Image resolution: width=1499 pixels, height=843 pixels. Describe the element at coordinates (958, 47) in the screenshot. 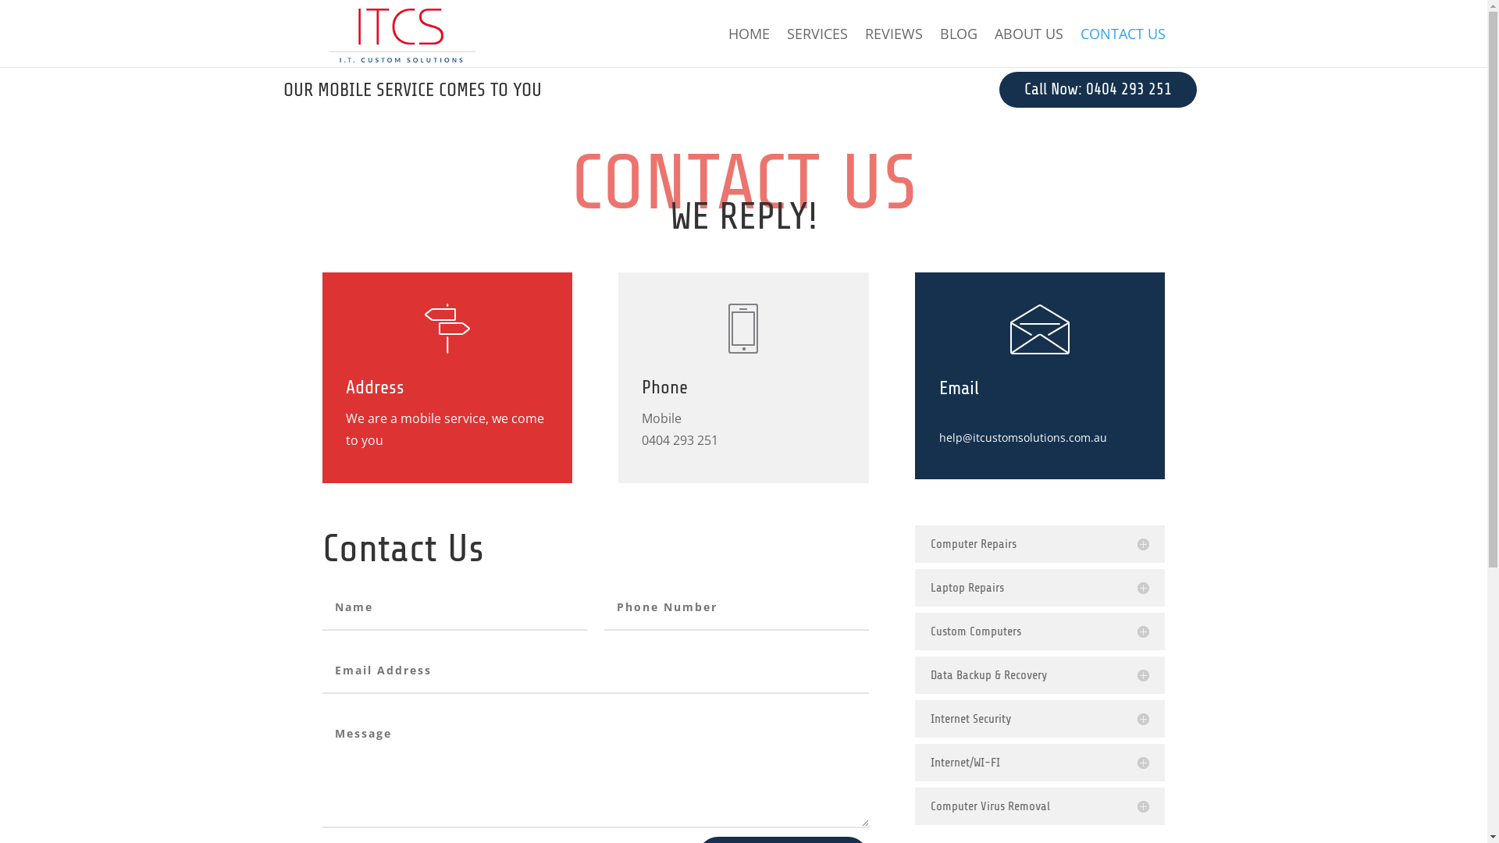

I see `'BLOG'` at that location.